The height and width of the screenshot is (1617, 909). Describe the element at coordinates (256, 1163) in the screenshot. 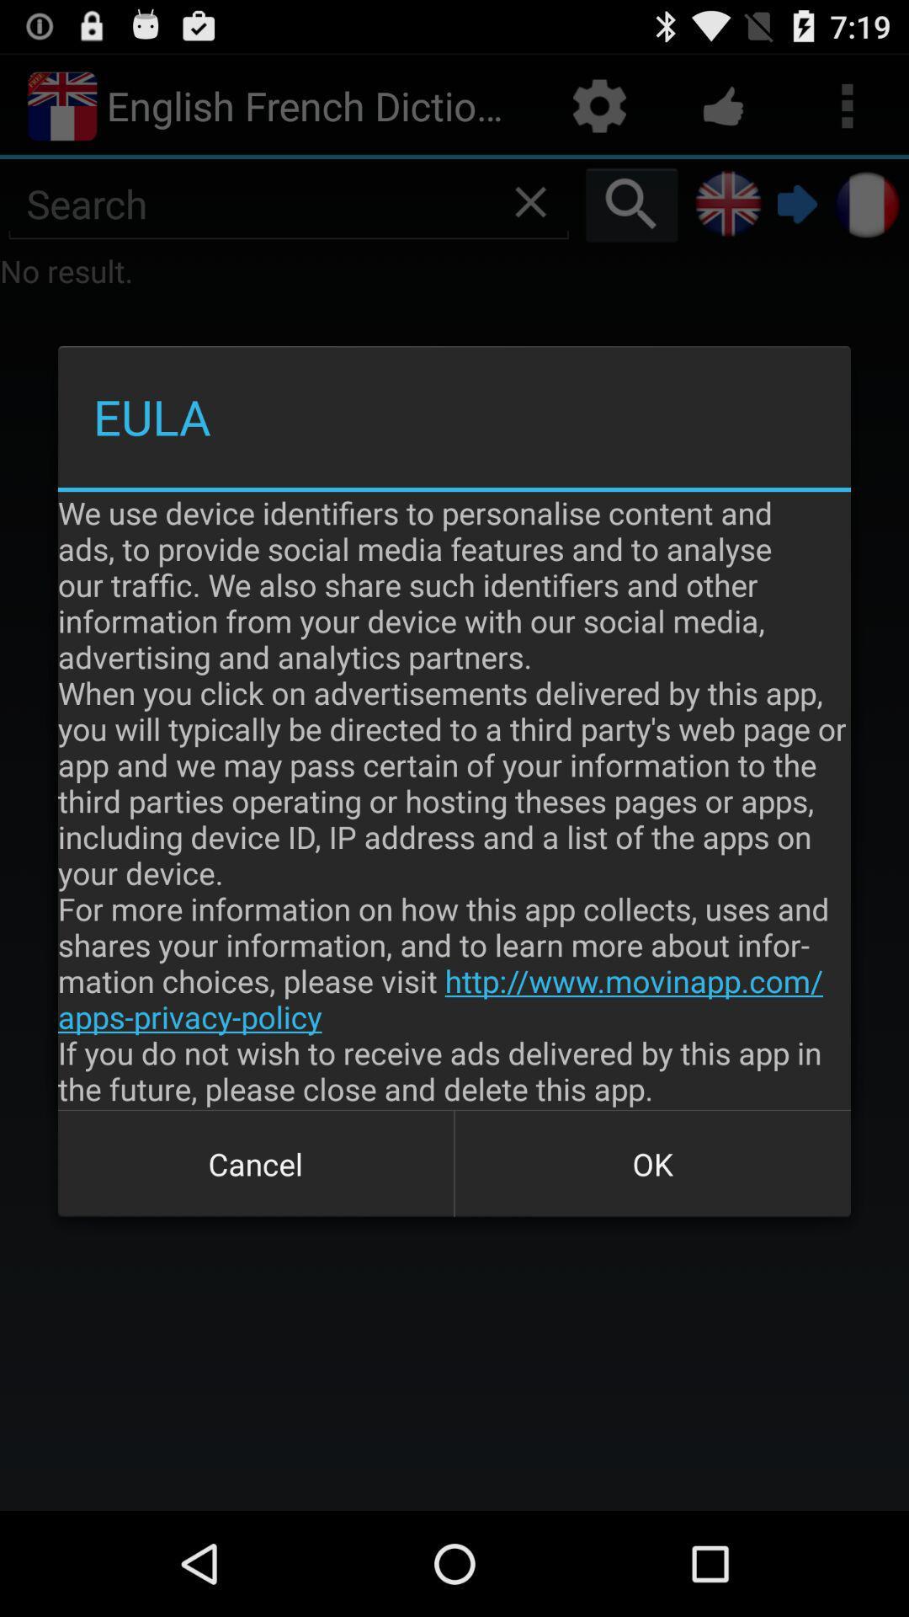

I see `cancel button` at that location.